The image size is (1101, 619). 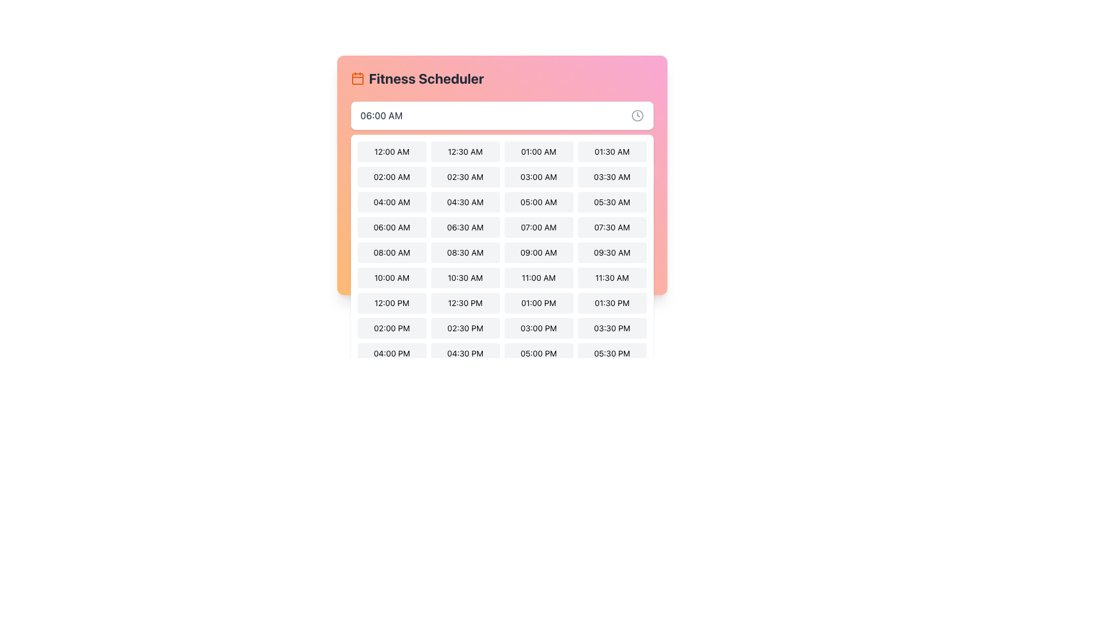 What do you see at coordinates (538, 177) in the screenshot?
I see `the button displaying '03:00 AM'` at bounding box center [538, 177].